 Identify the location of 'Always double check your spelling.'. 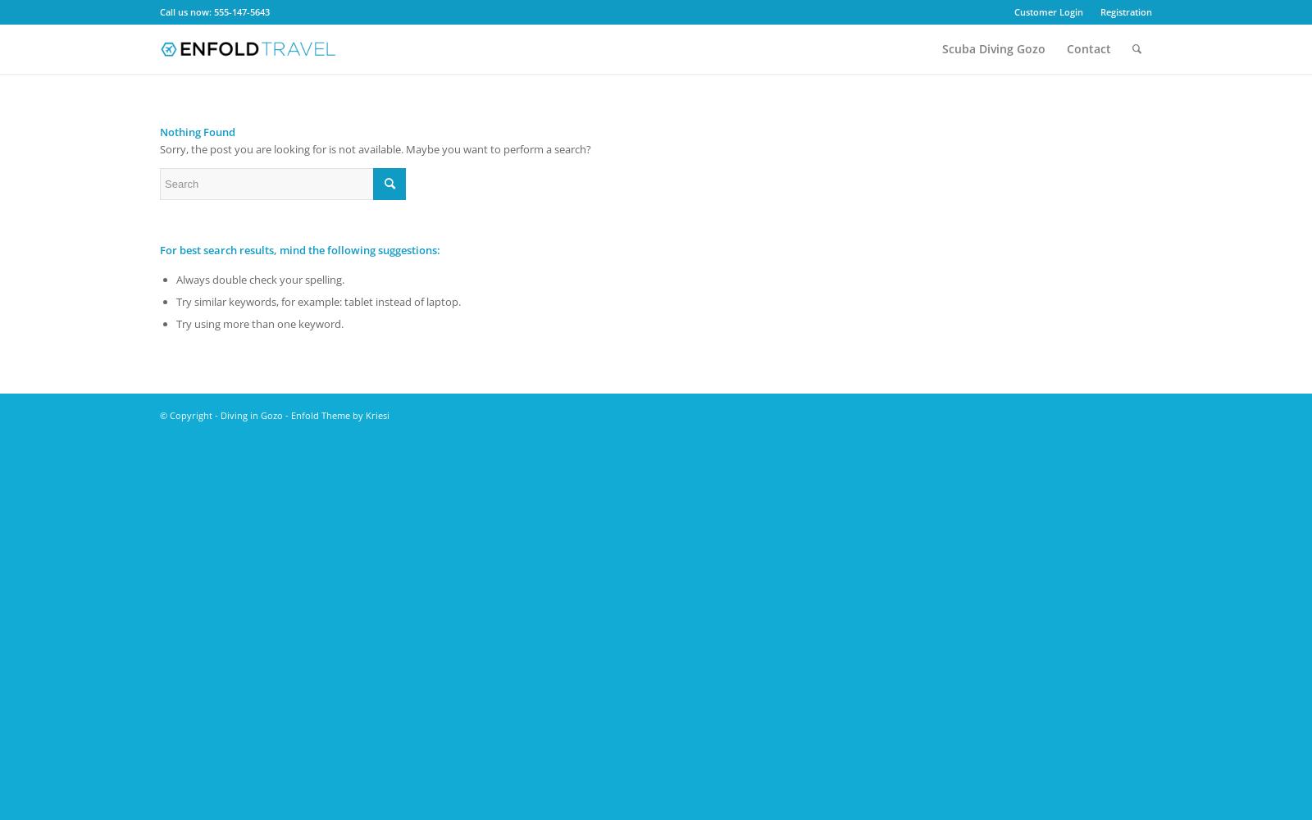
(260, 278).